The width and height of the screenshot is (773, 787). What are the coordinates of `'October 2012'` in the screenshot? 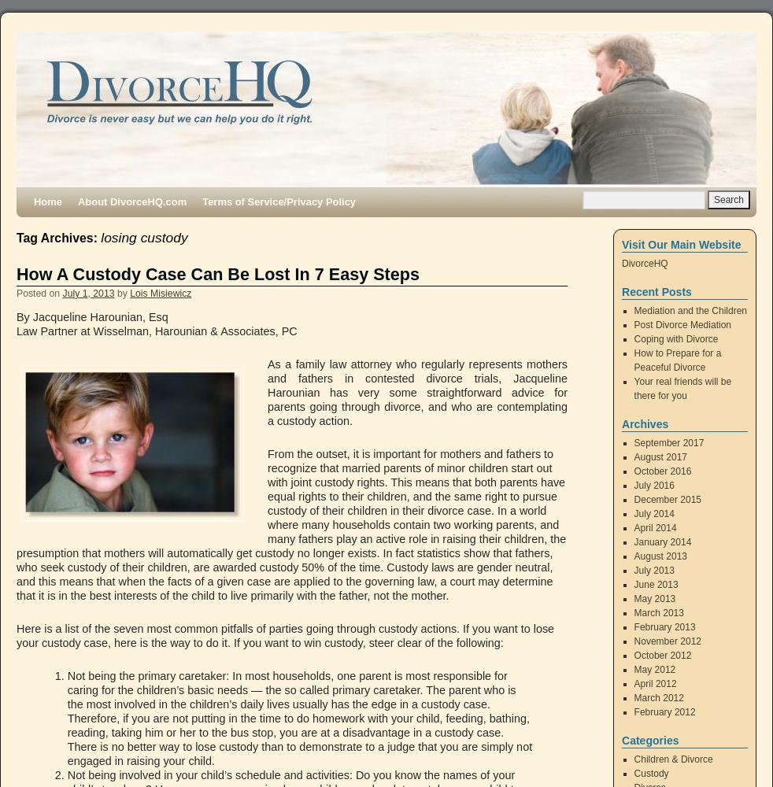 It's located at (662, 655).